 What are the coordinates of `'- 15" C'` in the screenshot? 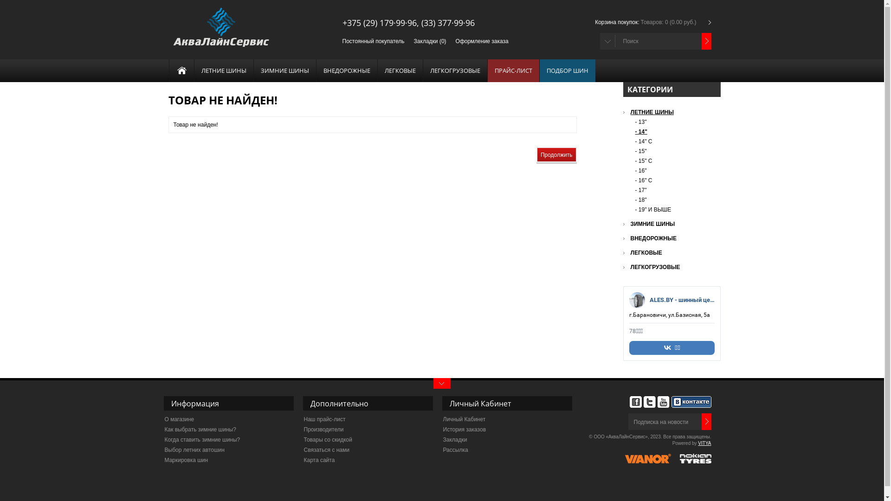 It's located at (674, 161).